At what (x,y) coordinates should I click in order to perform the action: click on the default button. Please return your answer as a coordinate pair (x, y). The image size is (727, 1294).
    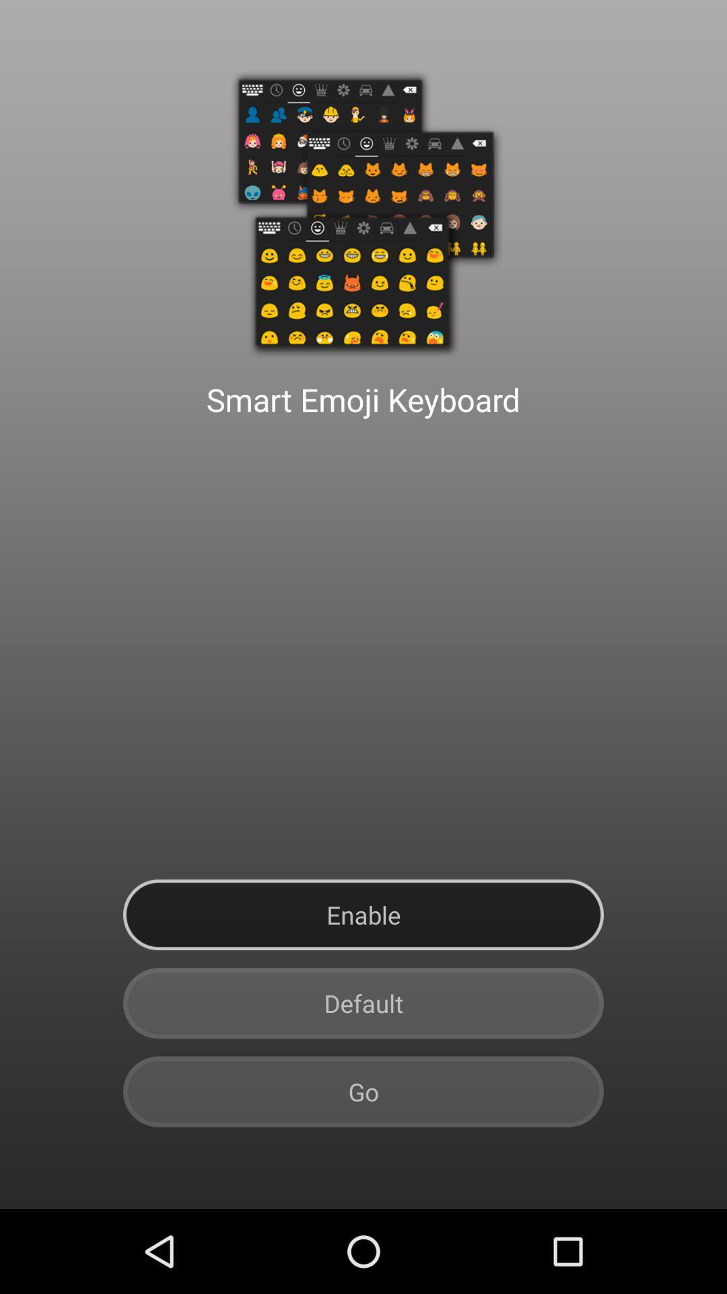
    Looking at the image, I should click on (363, 1003).